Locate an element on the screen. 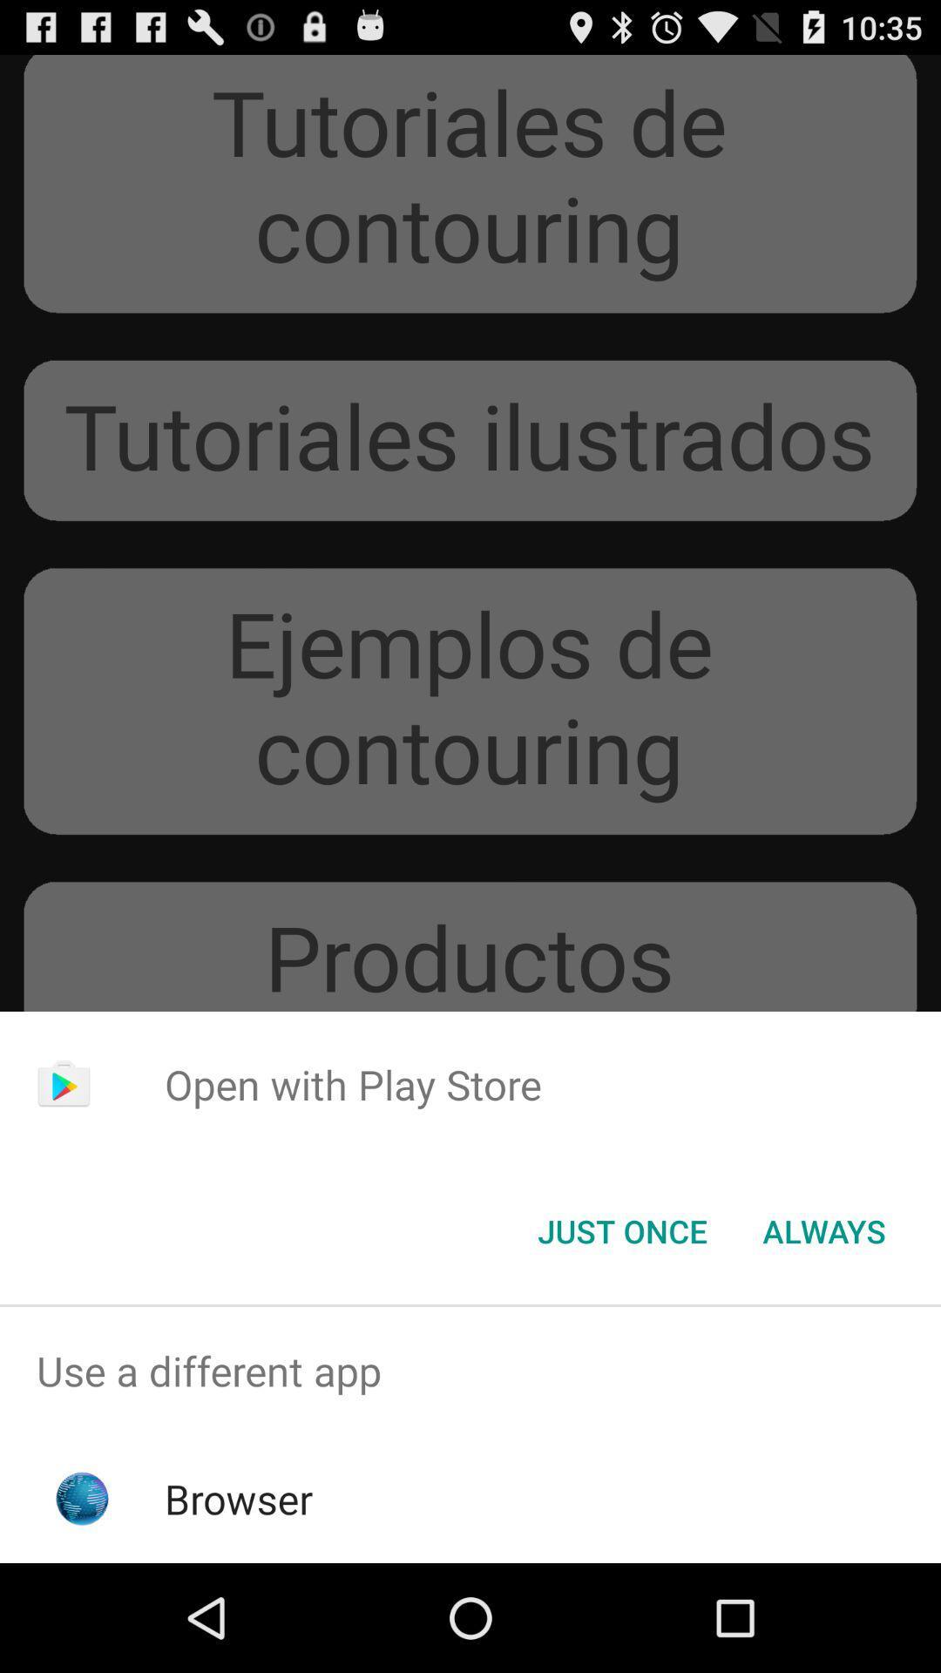 The height and width of the screenshot is (1673, 941). browser icon is located at coordinates (239, 1498).